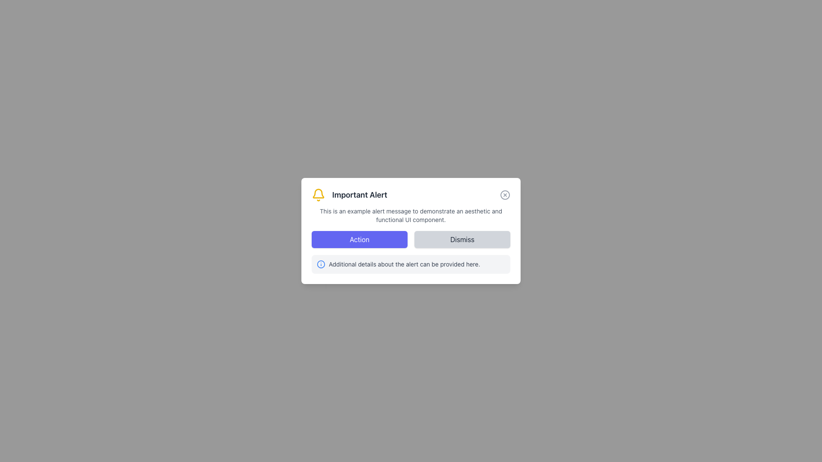 This screenshot has height=462, width=822. Describe the element at coordinates (360, 195) in the screenshot. I see `text content of the alert message title, which is positioned immediately to the right of a yellow bell icon` at that location.